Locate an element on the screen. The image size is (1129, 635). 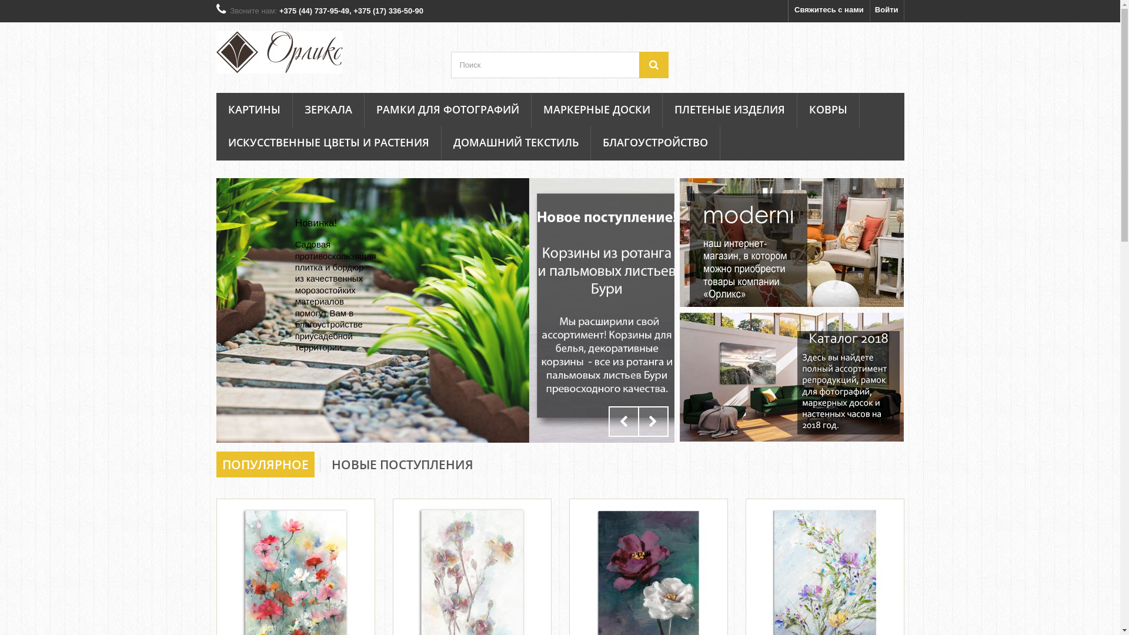
'Prev' is located at coordinates (607, 421).